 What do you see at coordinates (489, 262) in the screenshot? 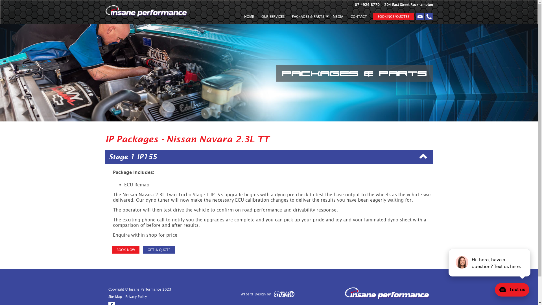
I see `'podium webchat widget prompt'` at bounding box center [489, 262].